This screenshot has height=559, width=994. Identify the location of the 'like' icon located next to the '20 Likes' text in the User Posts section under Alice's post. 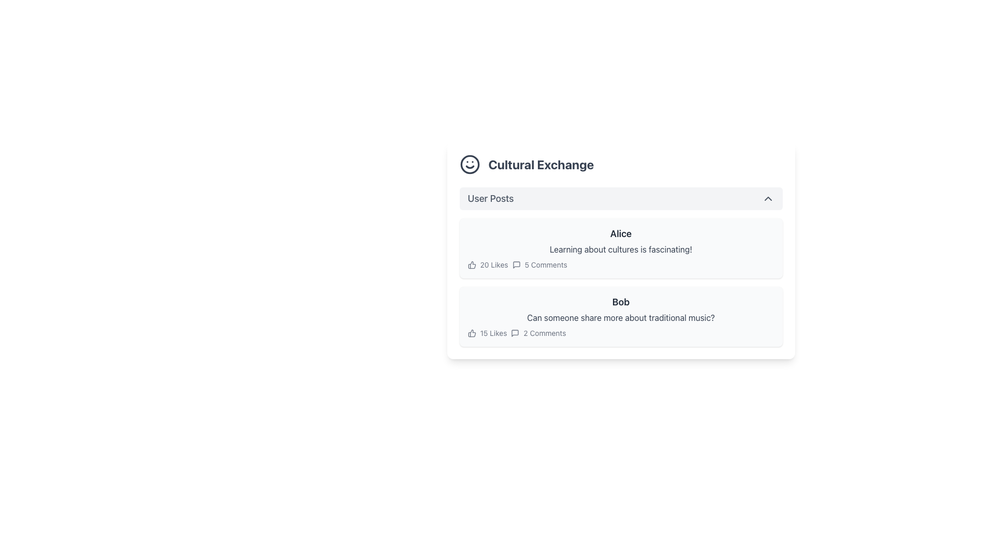
(471, 264).